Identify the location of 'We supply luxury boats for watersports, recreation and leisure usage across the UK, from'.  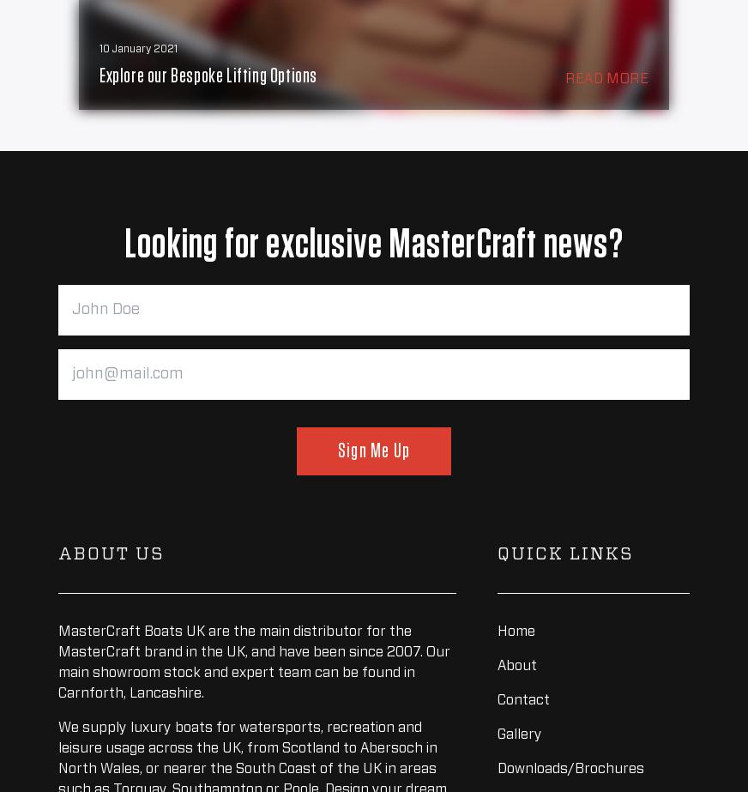
(57, 736).